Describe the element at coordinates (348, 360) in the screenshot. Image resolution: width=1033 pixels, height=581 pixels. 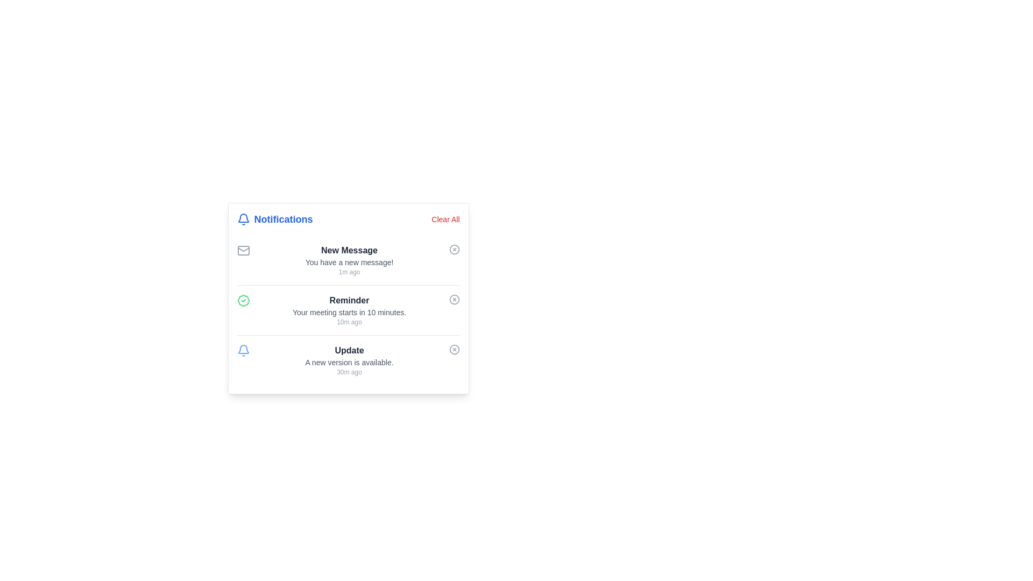
I see `the third notification entry titled 'Update' that contains the description 'A new version is available.' and a dismissal 'X' icon` at that location.